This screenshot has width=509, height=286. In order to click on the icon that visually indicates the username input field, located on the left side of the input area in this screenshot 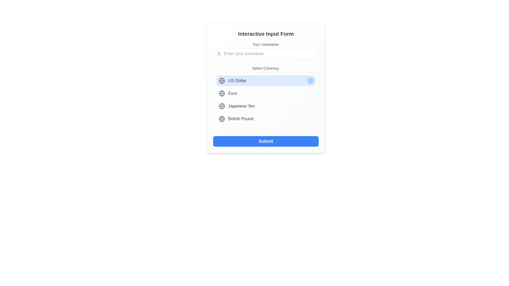, I will do `click(219, 54)`.